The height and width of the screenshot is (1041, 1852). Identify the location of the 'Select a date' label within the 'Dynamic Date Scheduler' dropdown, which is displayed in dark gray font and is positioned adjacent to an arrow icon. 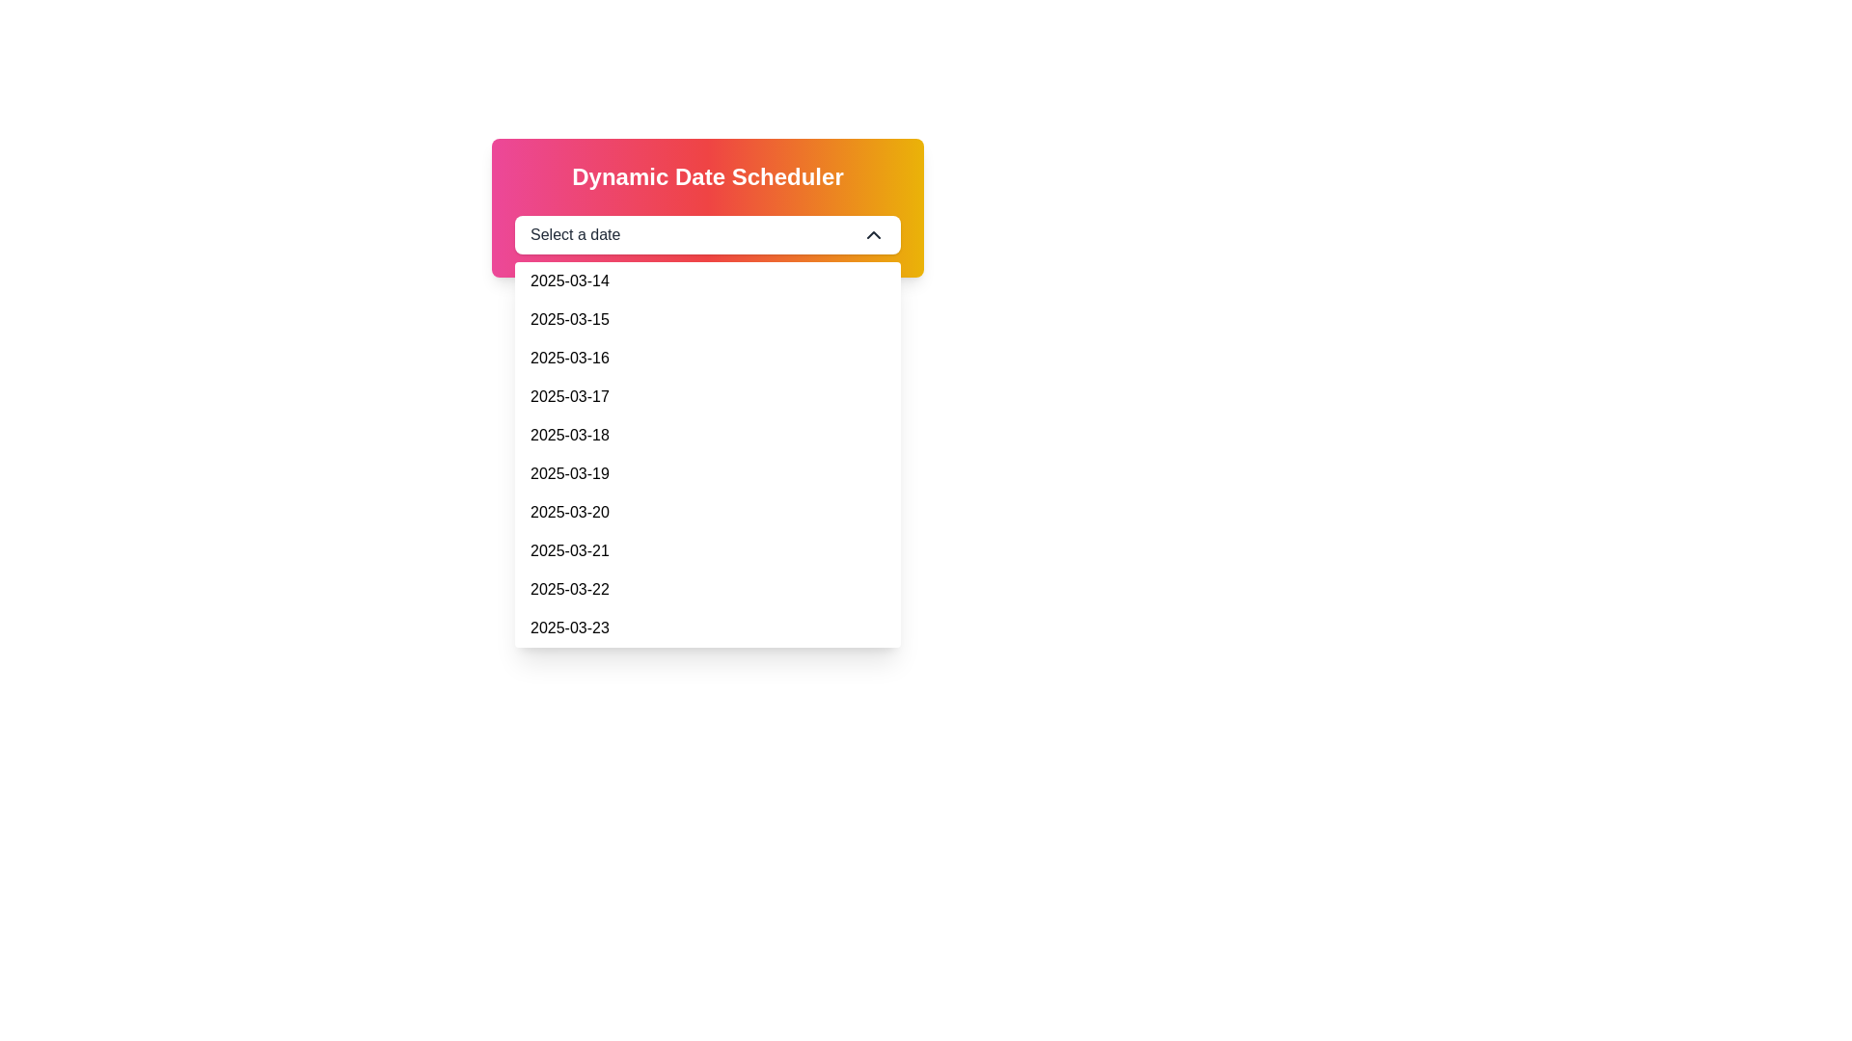
(574, 233).